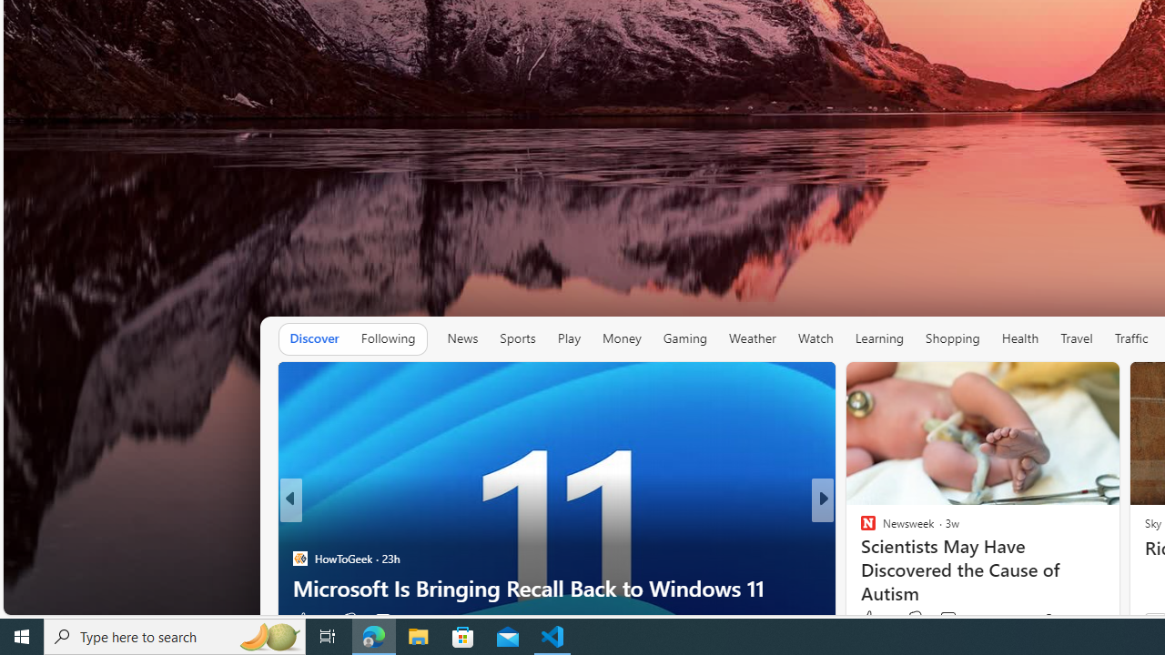 The width and height of the screenshot is (1165, 655). I want to click on 'View comments 23 Comment', so click(947, 619).